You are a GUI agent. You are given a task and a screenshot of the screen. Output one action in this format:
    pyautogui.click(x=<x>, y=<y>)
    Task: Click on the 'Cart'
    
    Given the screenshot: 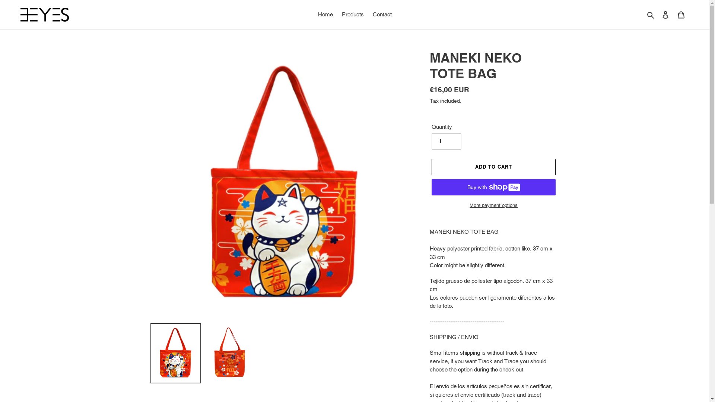 What is the action you would take?
    pyautogui.click(x=681, y=15)
    